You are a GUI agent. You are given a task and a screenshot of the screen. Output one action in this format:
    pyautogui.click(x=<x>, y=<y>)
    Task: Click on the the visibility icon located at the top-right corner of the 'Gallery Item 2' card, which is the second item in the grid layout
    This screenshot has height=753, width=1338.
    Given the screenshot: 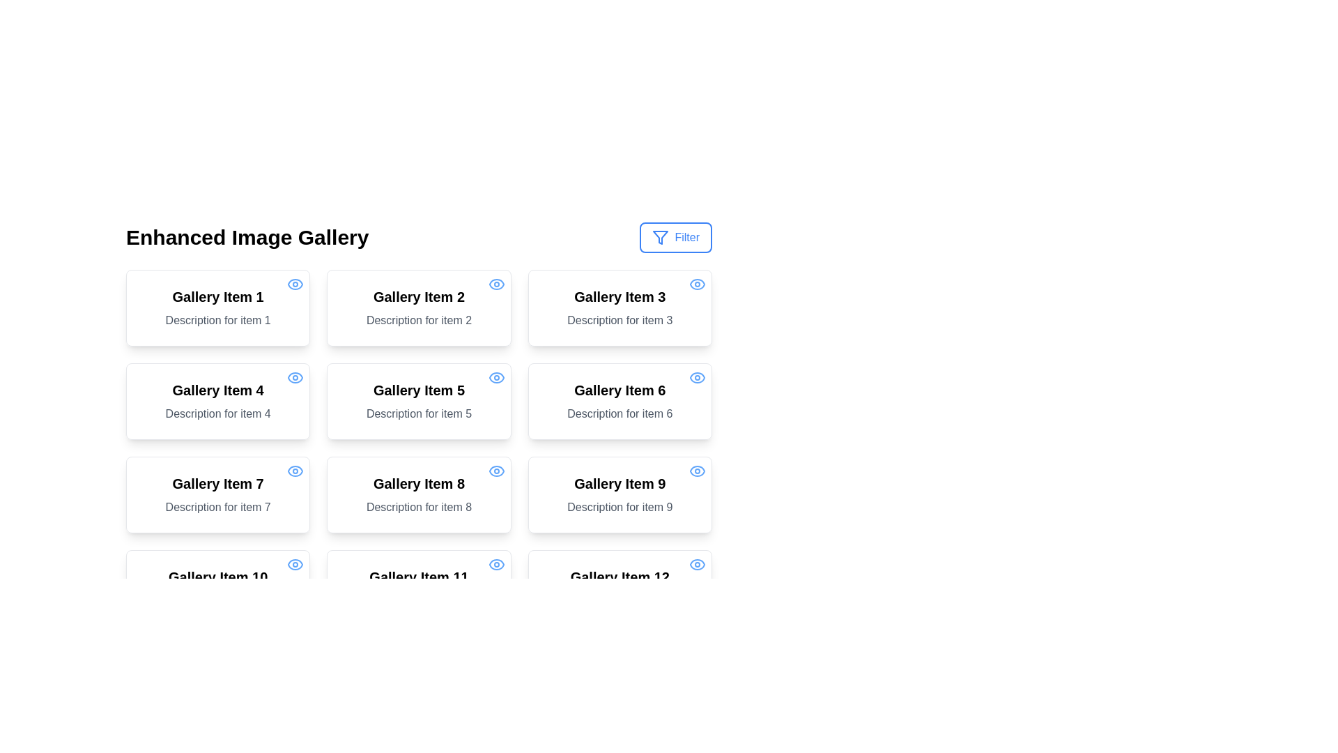 What is the action you would take?
    pyautogui.click(x=496, y=284)
    